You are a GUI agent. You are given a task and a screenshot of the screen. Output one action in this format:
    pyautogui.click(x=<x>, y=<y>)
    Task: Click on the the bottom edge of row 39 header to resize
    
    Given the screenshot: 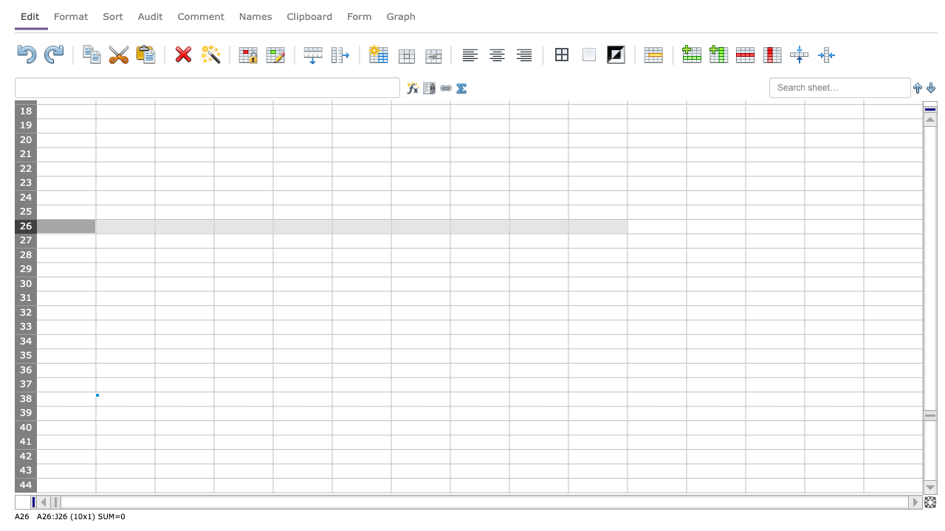 What is the action you would take?
    pyautogui.click(x=25, y=420)
    